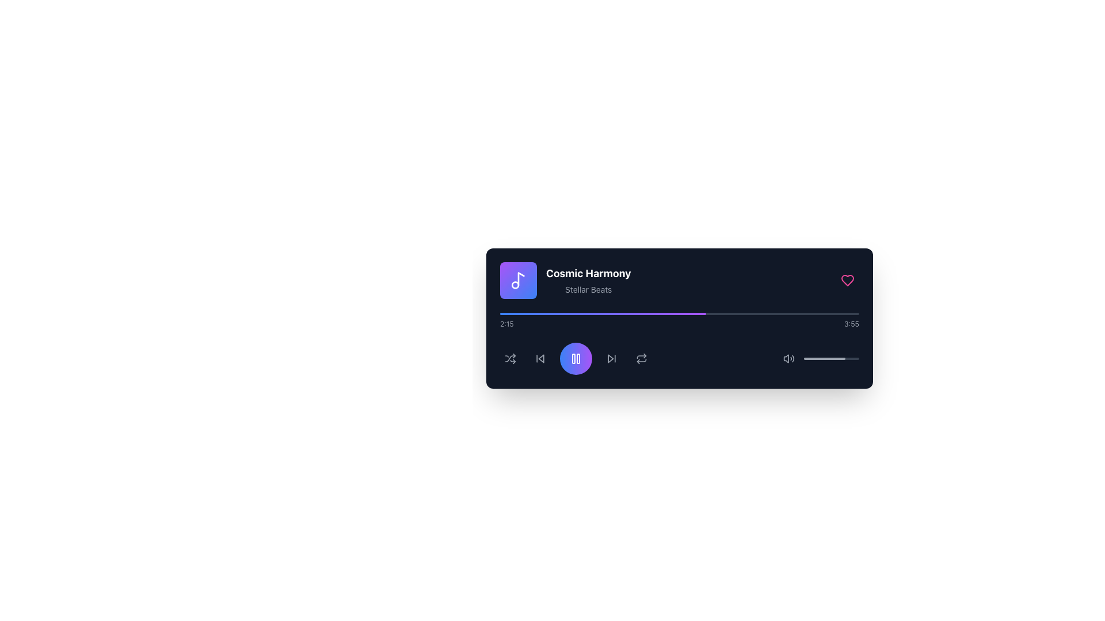 This screenshot has width=1105, height=621. I want to click on playback time, so click(814, 314).